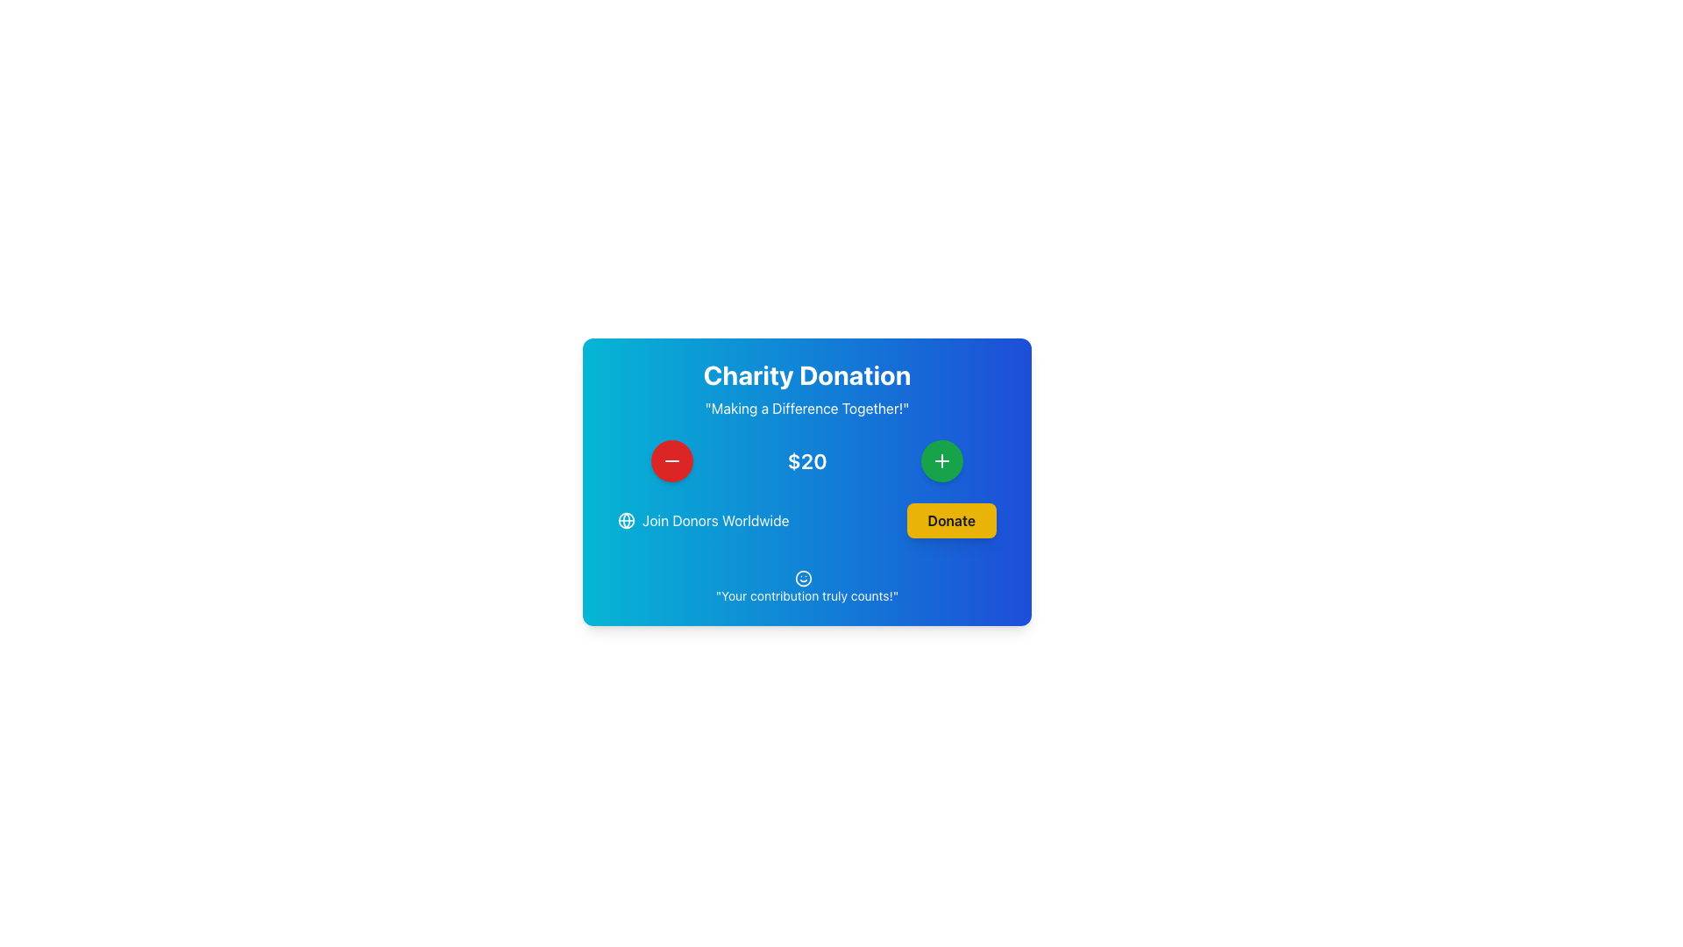 The image size is (1683, 947). Describe the element at coordinates (715, 520) in the screenshot. I see `the text label reading 'Join Donors Worldwide' which is styled with white text on a gradient background and located below the '$20' display and to the right of the globe icon` at that location.